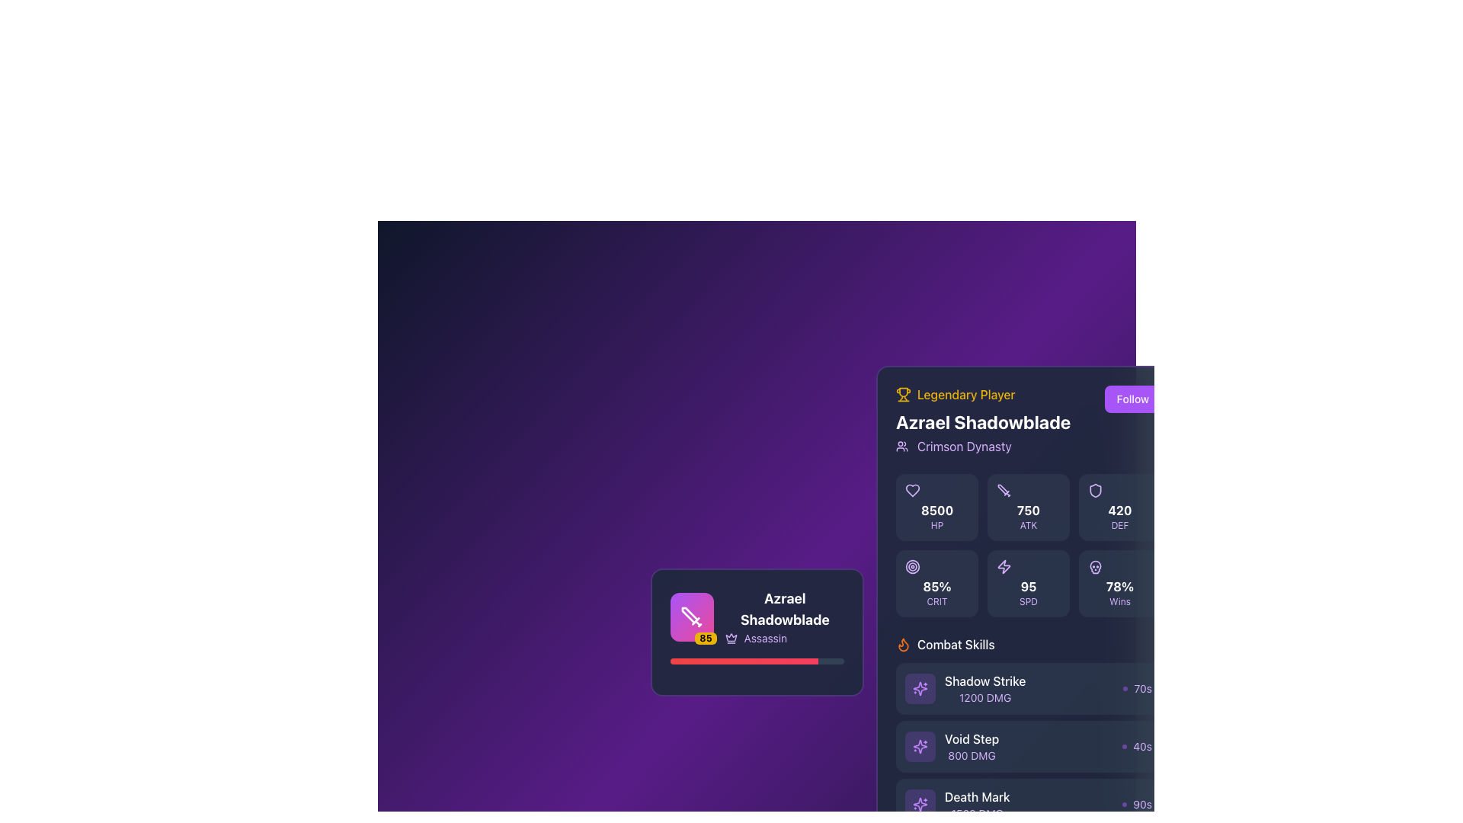  I want to click on the Text Label displaying the damage value '1500 DMG' for the skill 'Death Mark', located below the corresponding skill label, so click(977, 813).